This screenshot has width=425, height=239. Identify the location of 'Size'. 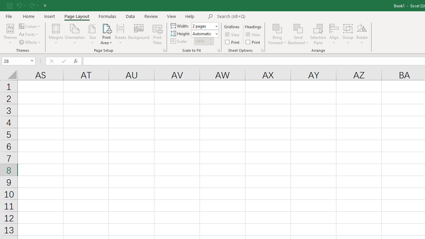
(92, 34).